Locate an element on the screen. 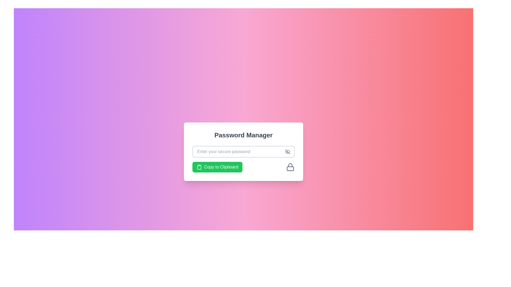 The width and height of the screenshot is (511, 287). the bold 'Password Manager' text label that is prominently displayed in dark gray above the password input field is located at coordinates (243, 135).